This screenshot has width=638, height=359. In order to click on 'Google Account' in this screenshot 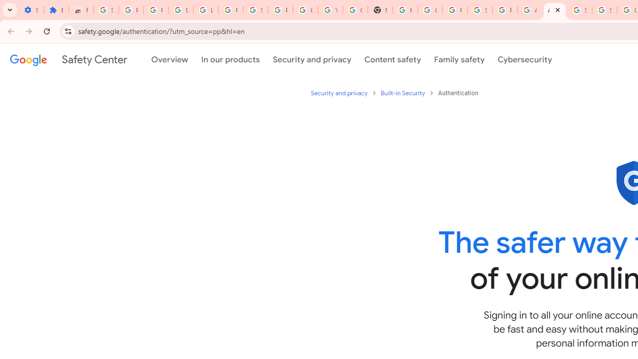, I will do `click(305, 10)`.